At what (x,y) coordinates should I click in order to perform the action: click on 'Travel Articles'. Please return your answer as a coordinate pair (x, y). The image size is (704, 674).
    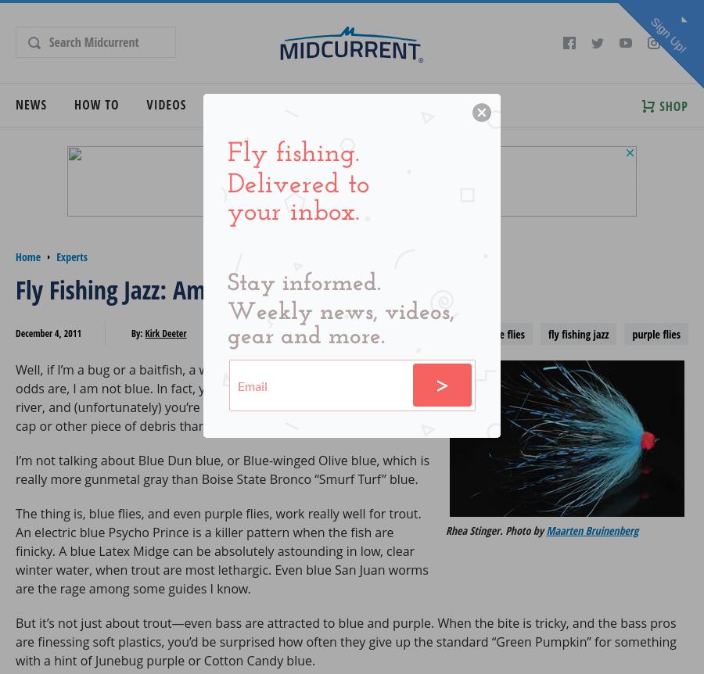
    Looking at the image, I should click on (421, 151).